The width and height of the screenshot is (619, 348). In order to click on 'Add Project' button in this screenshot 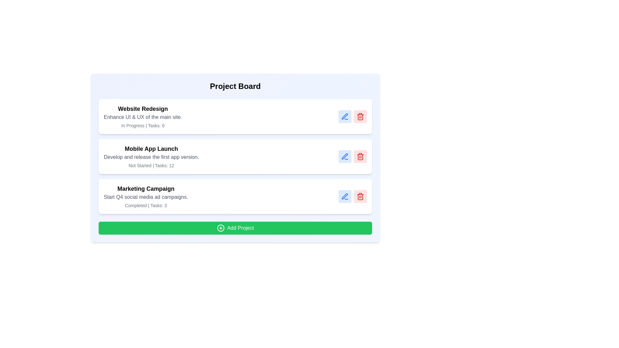, I will do `click(235, 228)`.